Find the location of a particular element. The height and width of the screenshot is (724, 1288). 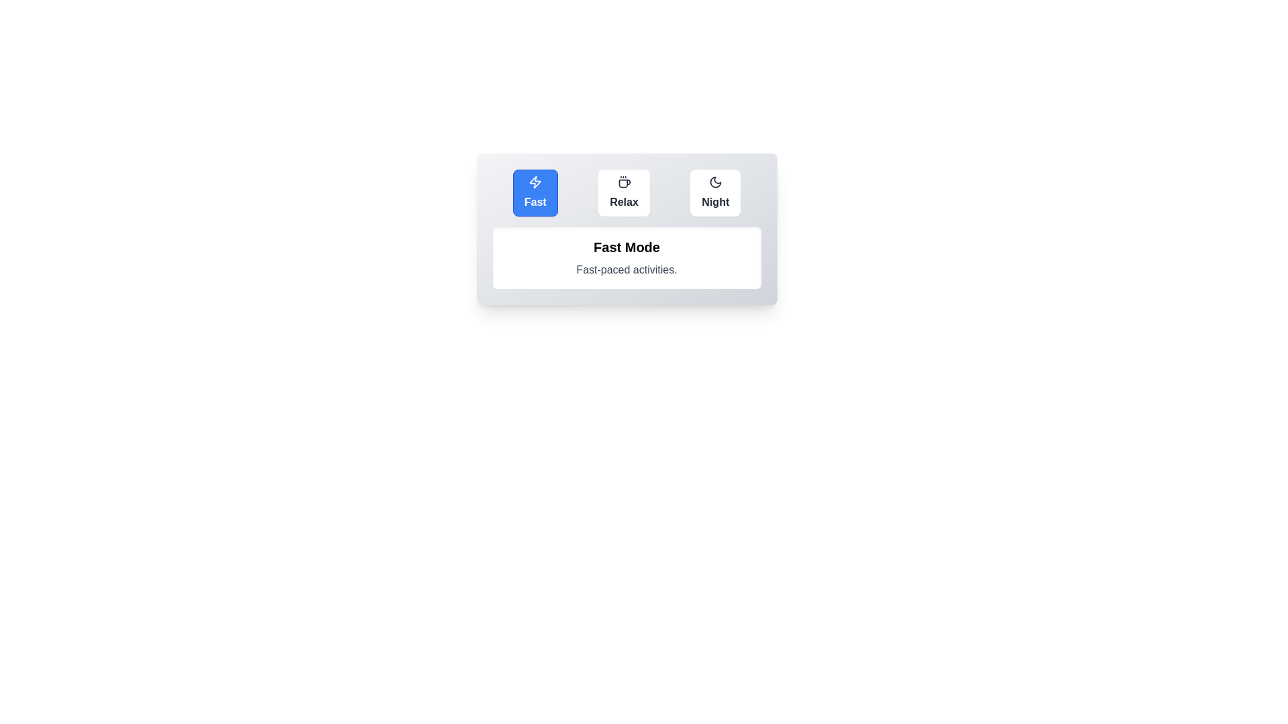

the 'Relax' mode icon, which is visually centered above the text 'Relax' and is the middle button in a horizontal alignment with 'Fast' and 'Night' buttons is located at coordinates (623, 182).